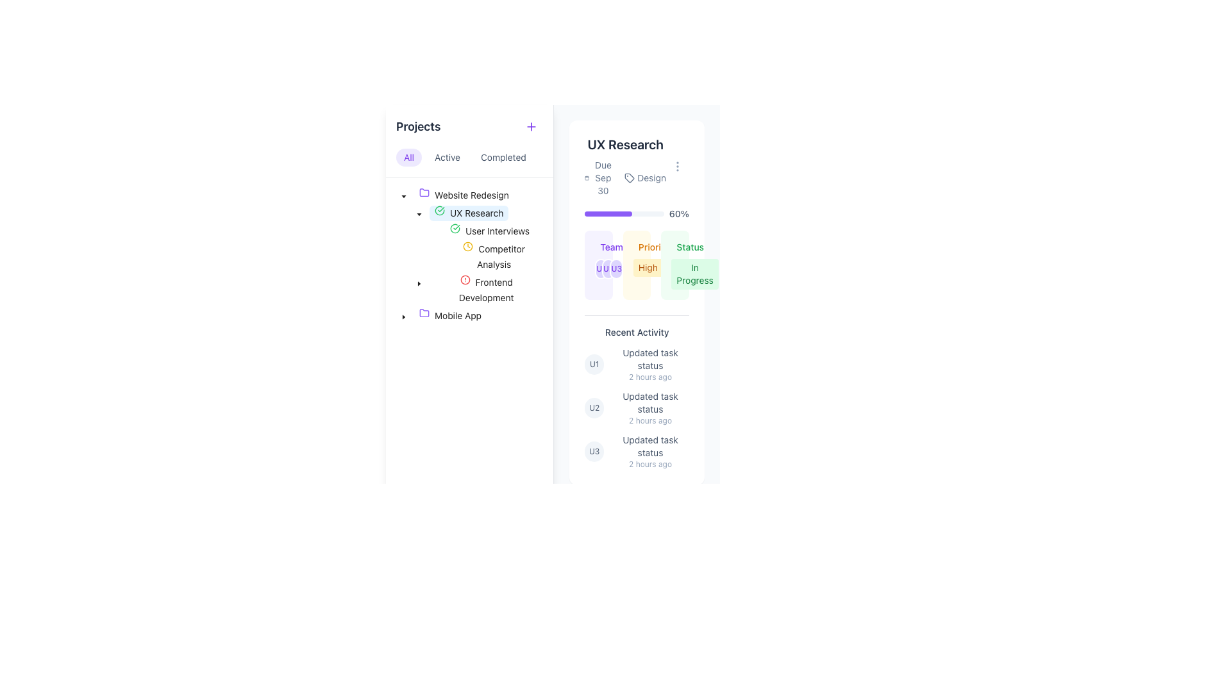 This screenshot has height=692, width=1231. Describe the element at coordinates (450, 316) in the screenshot. I see `the Tree Node element labeled 'Mobile App' located under the 'Projects' header` at that location.